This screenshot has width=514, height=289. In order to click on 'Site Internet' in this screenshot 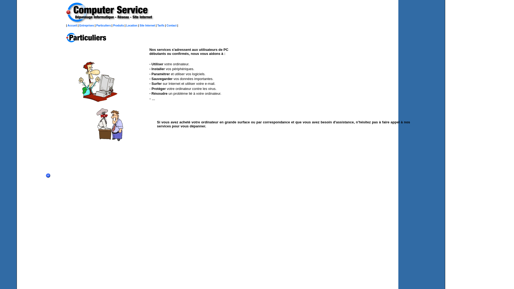, I will do `click(147, 25)`.